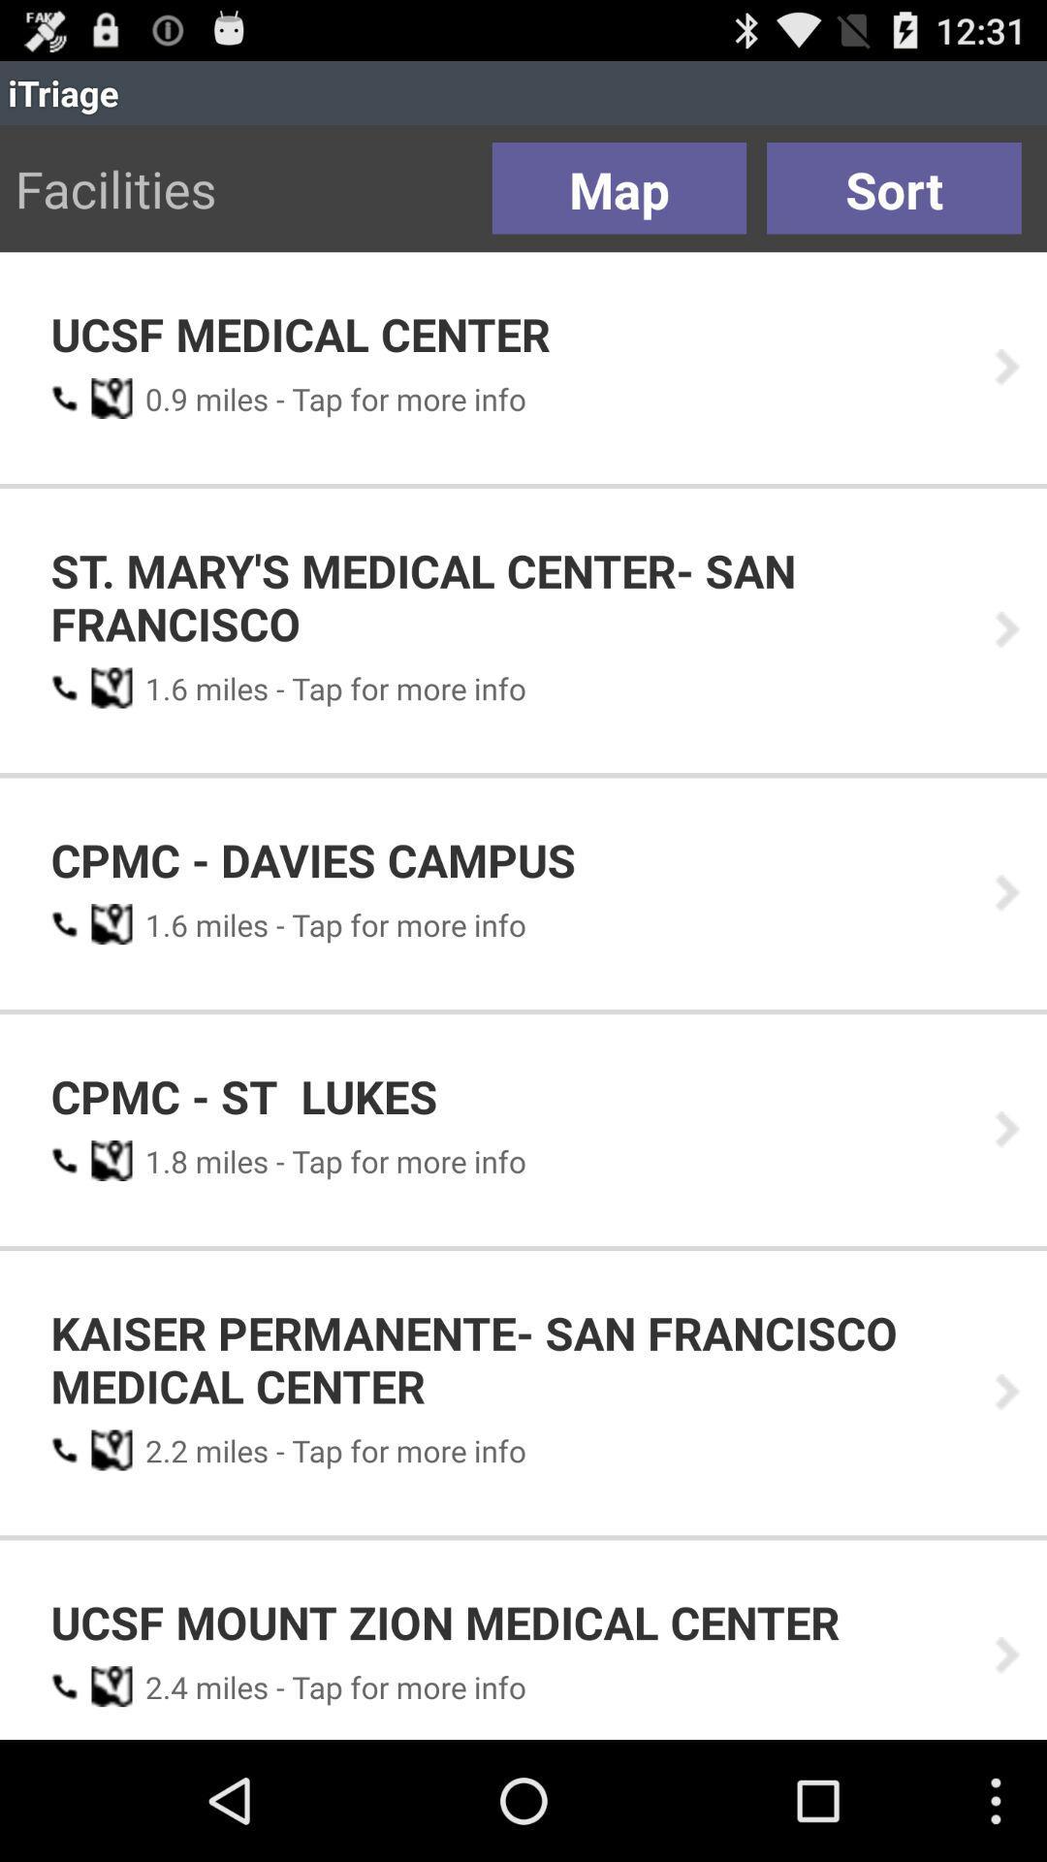  What do you see at coordinates (159, 398) in the screenshot?
I see `the item below the ucsf medical center icon` at bounding box center [159, 398].